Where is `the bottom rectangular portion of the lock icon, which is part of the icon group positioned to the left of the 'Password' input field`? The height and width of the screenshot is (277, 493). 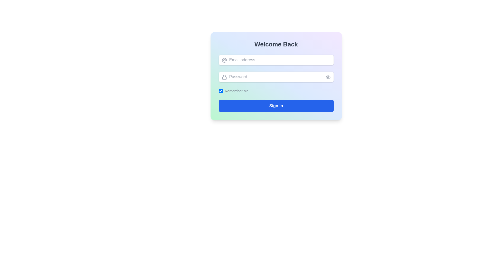 the bottom rectangular portion of the lock icon, which is part of the icon group positioned to the left of the 'Password' input field is located at coordinates (224, 78).